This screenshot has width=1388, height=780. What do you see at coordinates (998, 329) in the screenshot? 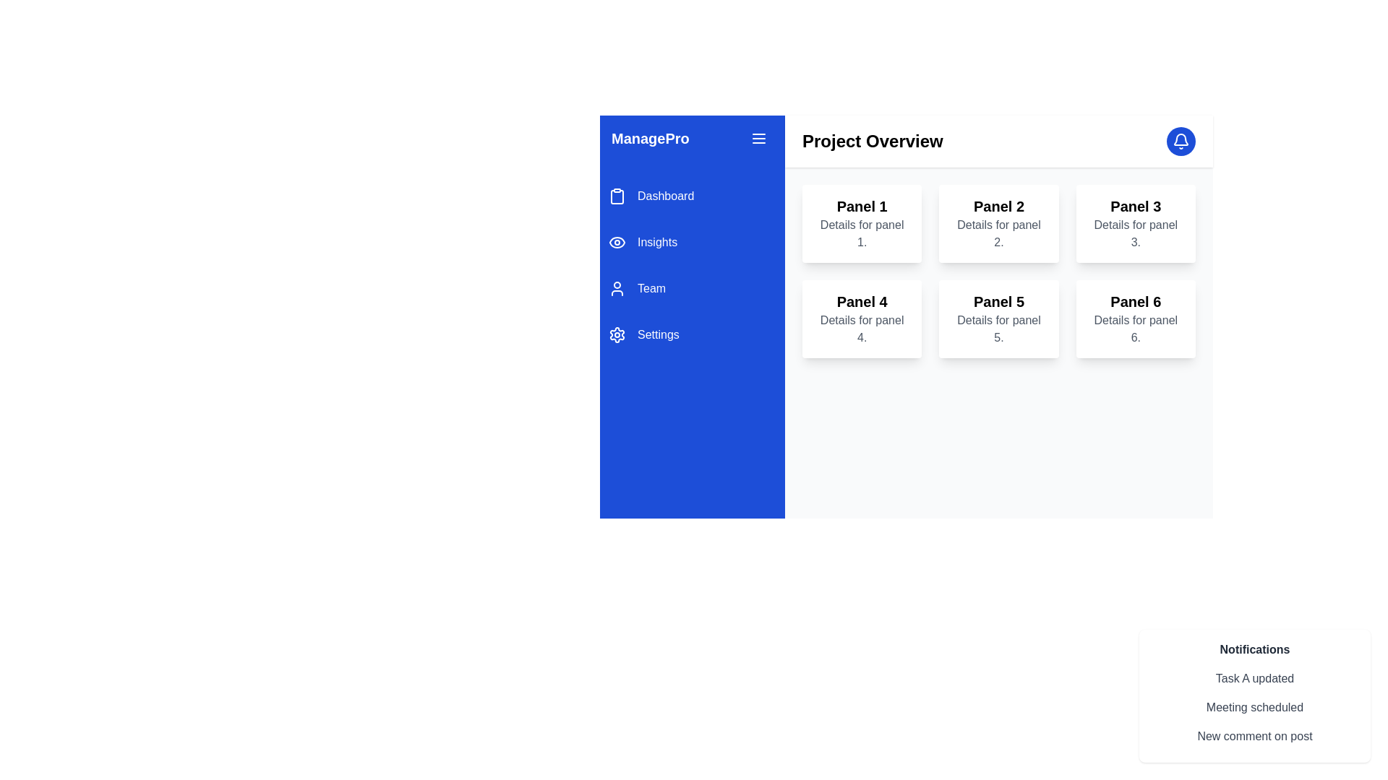
I see `the text label displaying 'Details for panel 5.' which is located below the header 'Panel 5' in the fifth panel of the grid layout` at bounding box center [998, 329].